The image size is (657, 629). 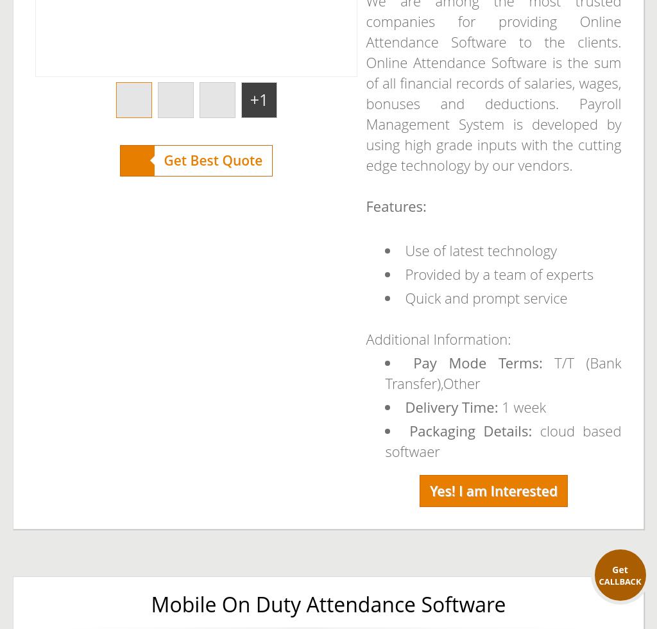 What do you see at coordinates (480, 250) in the screenshot?
I see `'Use of latest technology'` at bounding box center [480, 250].